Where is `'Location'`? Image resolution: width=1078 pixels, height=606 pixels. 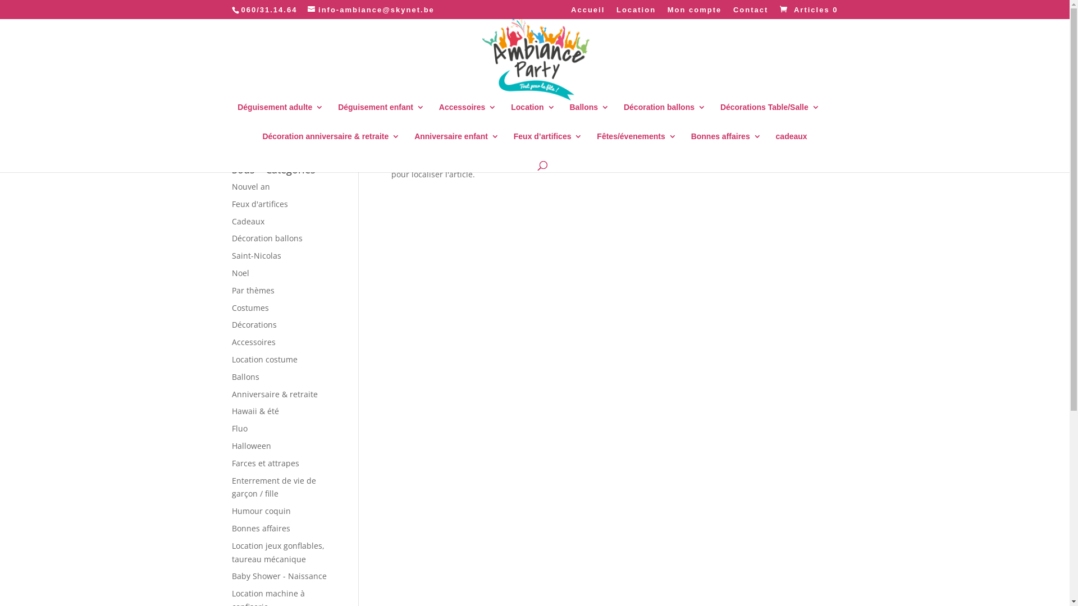 'Location' is located at coordinates (532, 115).